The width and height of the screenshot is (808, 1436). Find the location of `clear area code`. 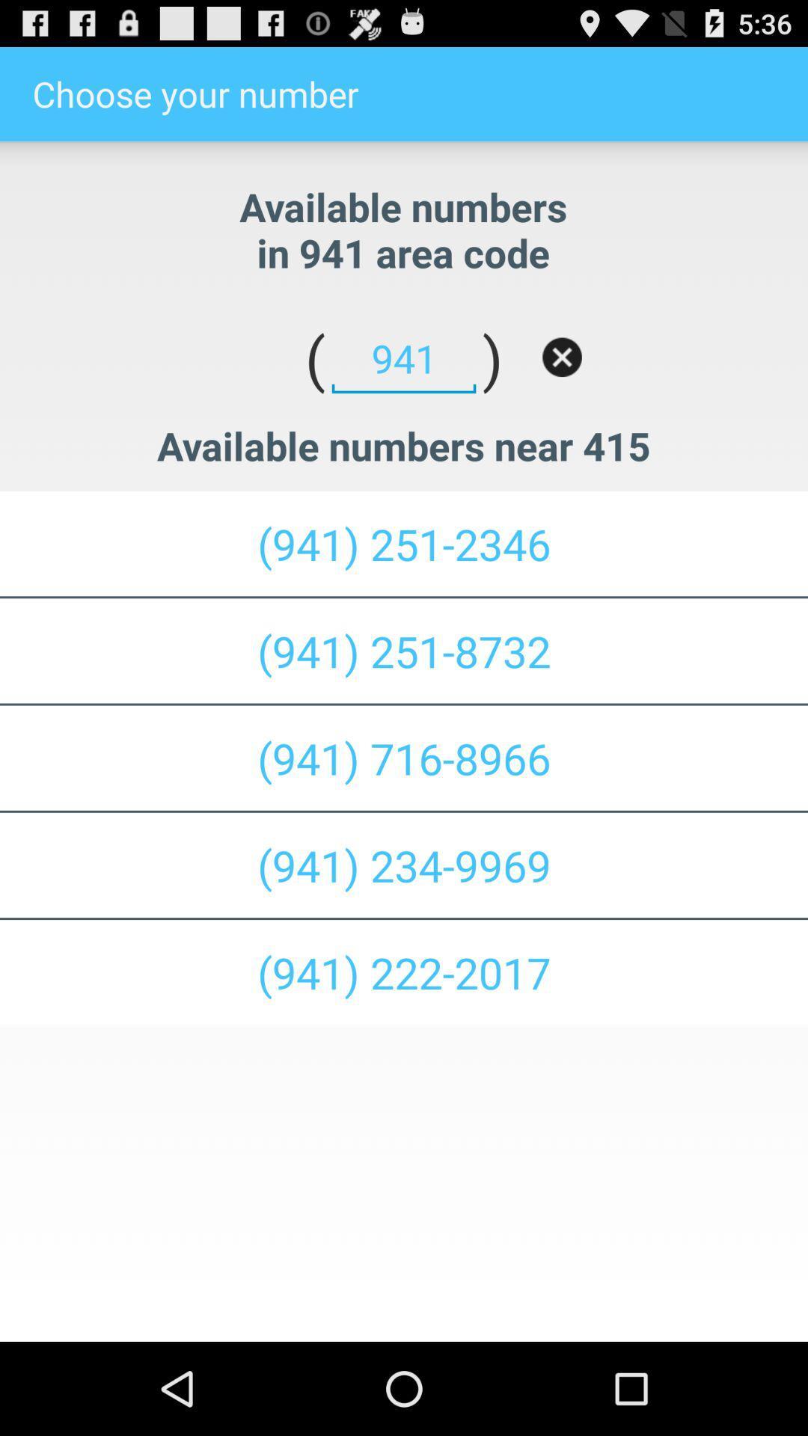

clear area code is located at coordinates (562, 356).